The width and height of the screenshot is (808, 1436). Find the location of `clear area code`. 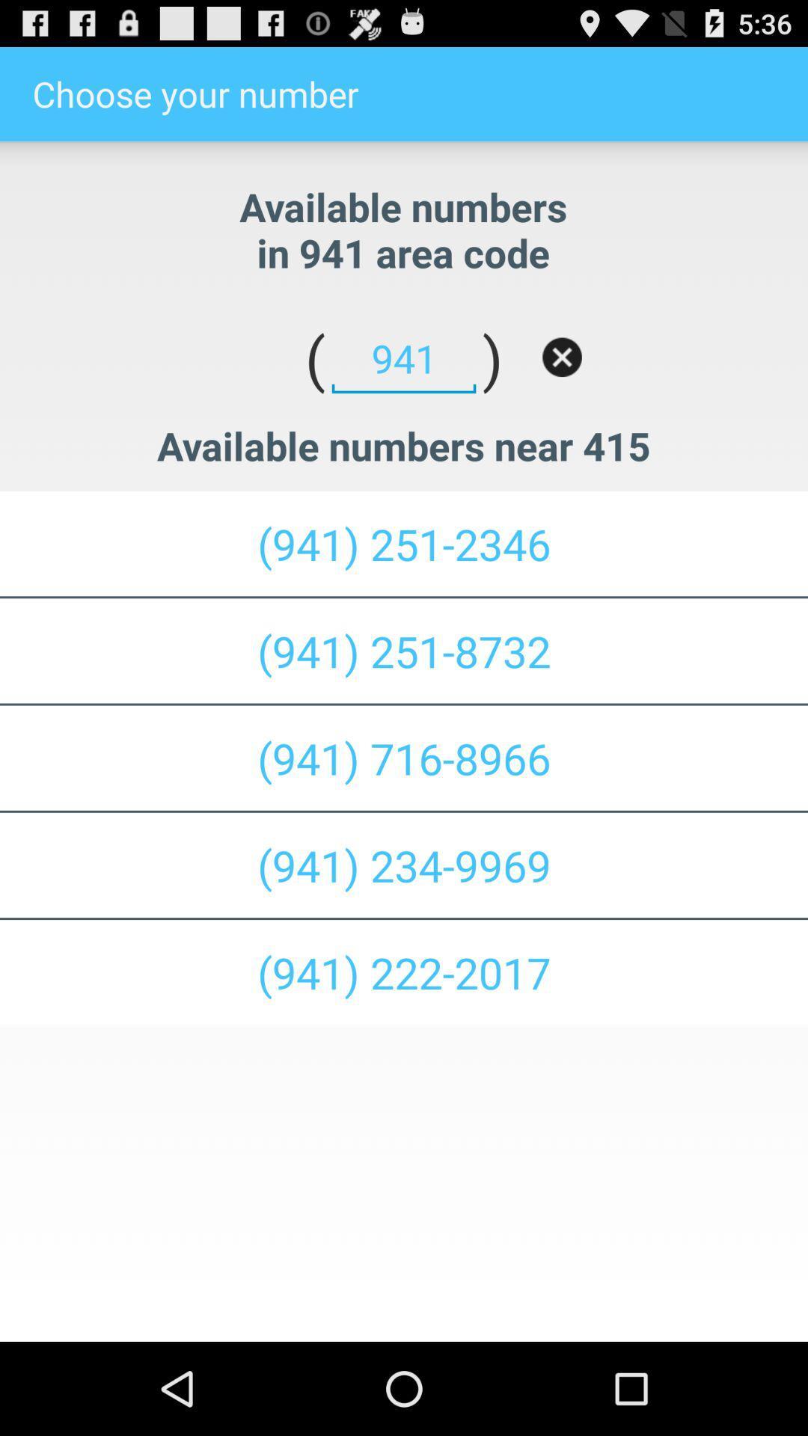

clear area code is located at coordinates (562, 356).